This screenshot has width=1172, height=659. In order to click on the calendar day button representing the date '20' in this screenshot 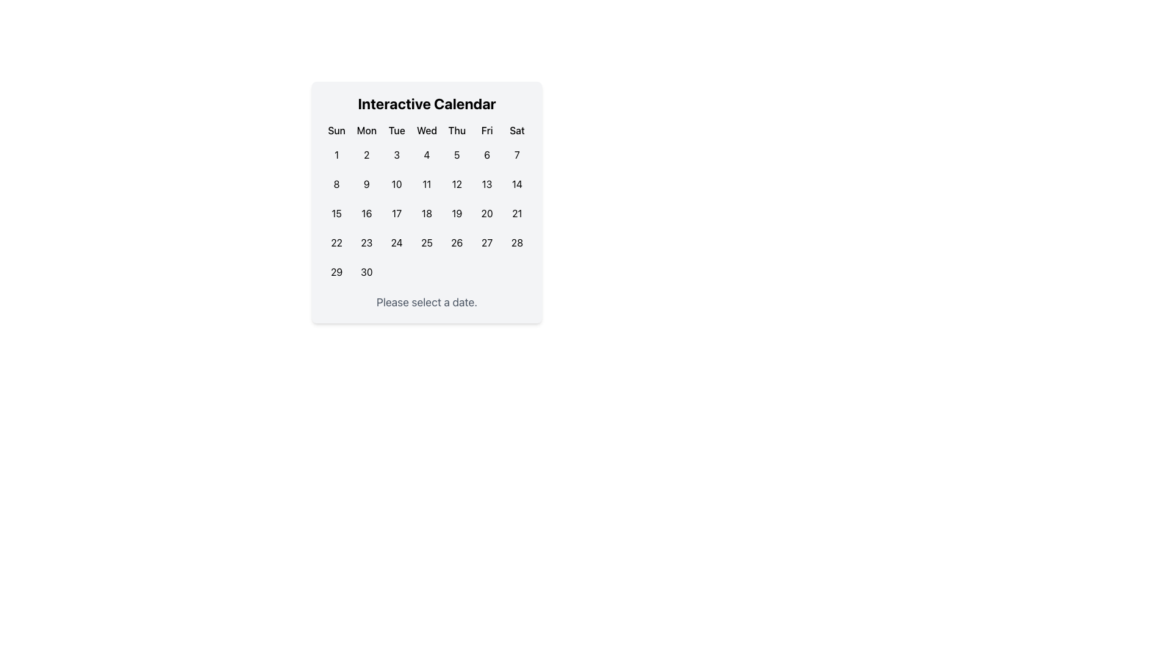, I will do `click(487, 213)`.